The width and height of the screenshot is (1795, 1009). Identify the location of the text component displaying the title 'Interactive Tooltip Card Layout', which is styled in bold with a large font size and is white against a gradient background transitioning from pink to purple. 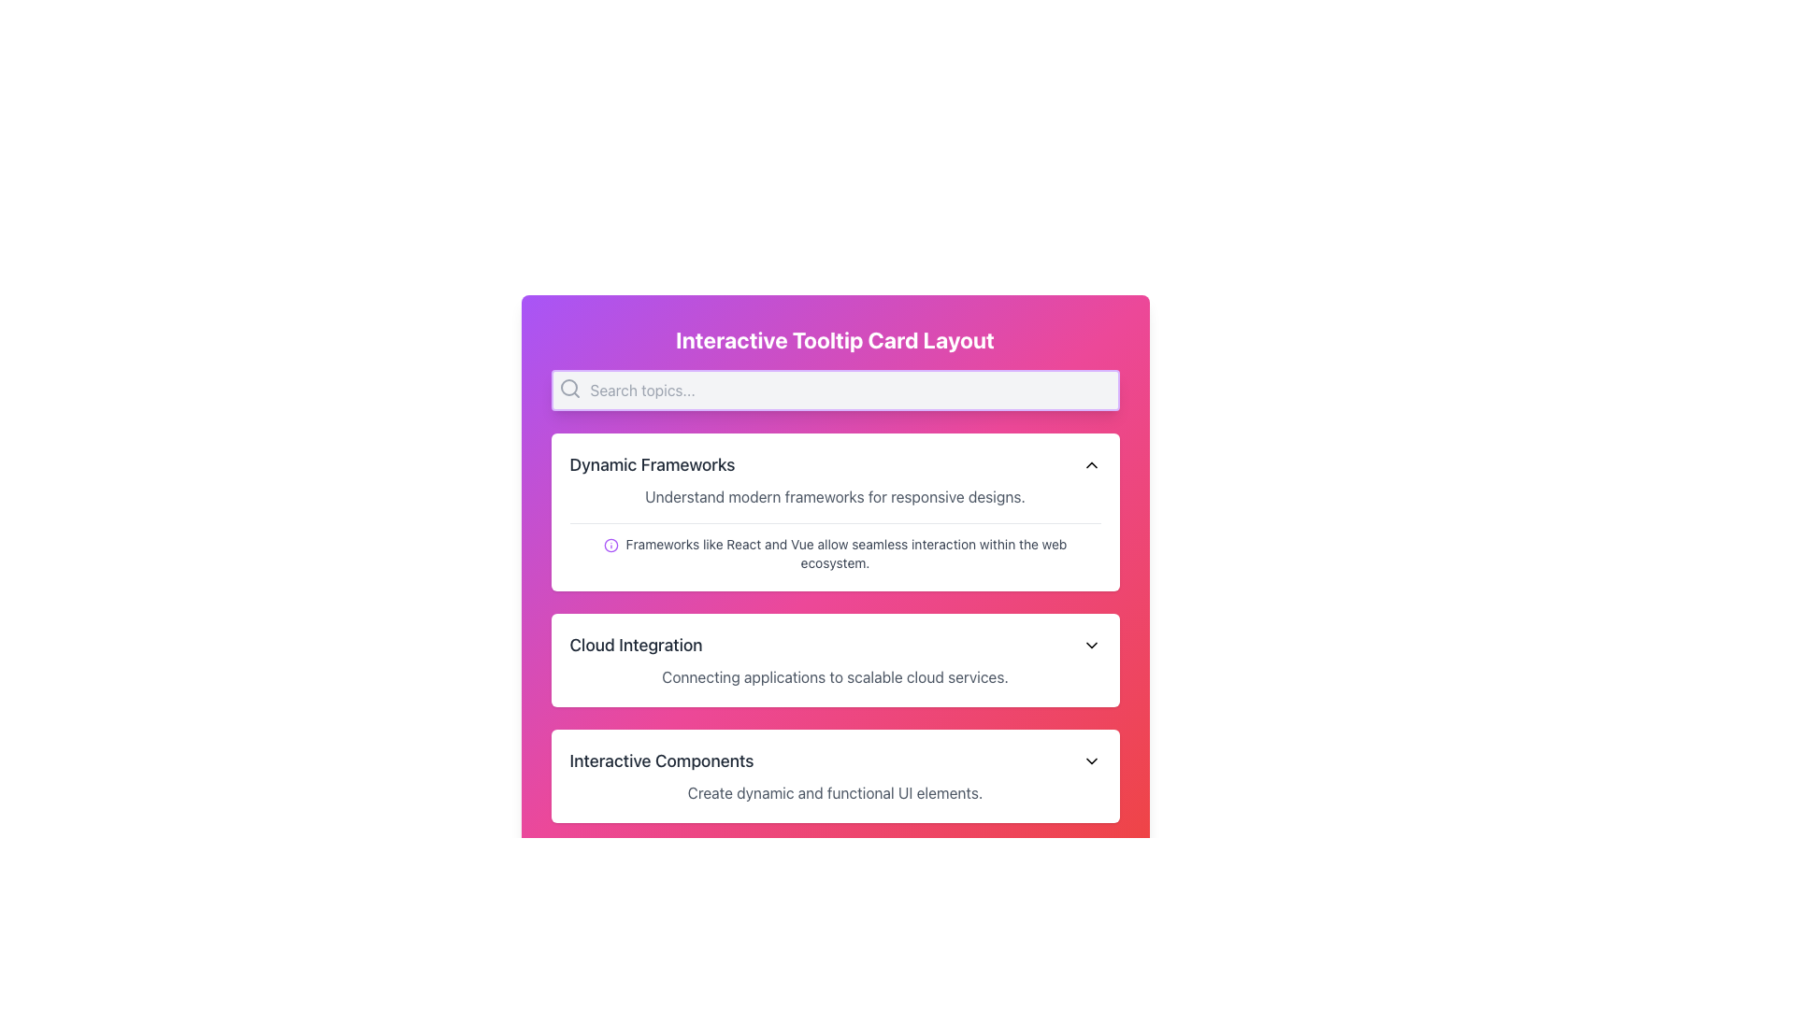
(834, 339).